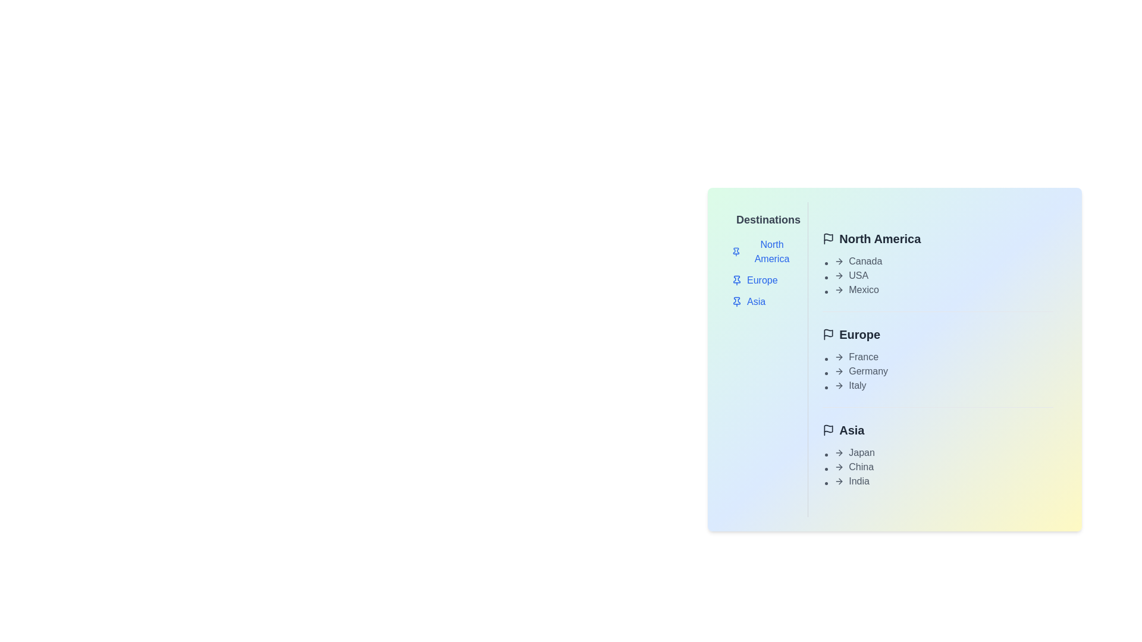 The height and width of the screenshot is (642, 1142). I want to click on the decorative icon for the list item 'Italy', so click(840, 385).